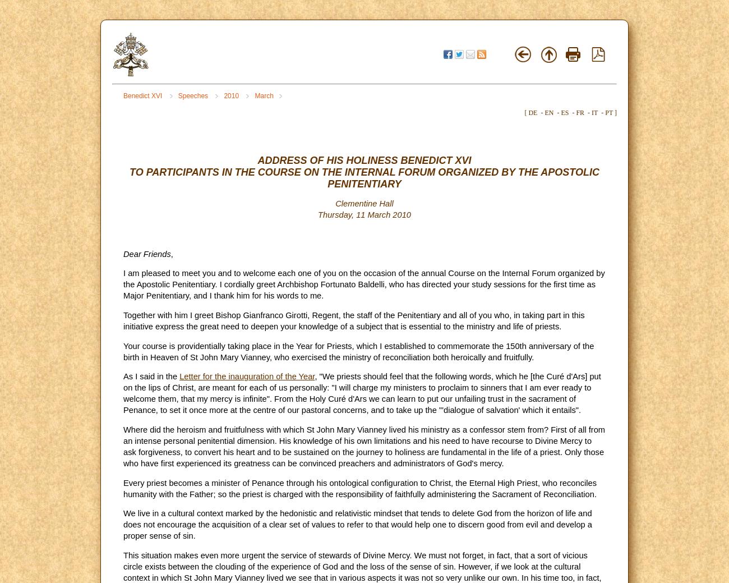 The width and height of the screenshot is (729, 583). Describe the element at coordinates (356, 214) in the screenshot. I see `'11 March 2010'` at that location.